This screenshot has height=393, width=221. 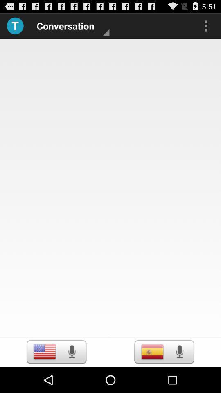 What do you see at coordinates (152, 351) in the screenshot?
I see `spain flag` at bounding box center [152, 351].